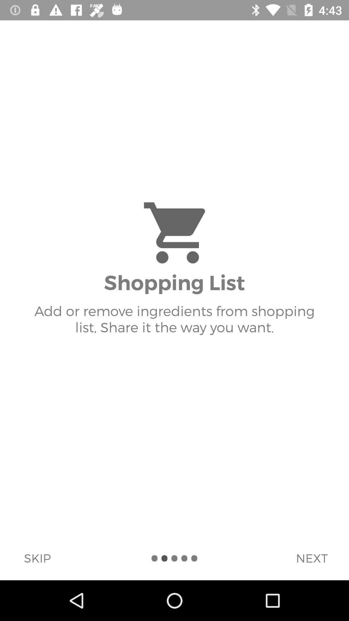 Image resolution: width=349 pixels, height=621 pixels. I want to click on next, so click(311, 558).